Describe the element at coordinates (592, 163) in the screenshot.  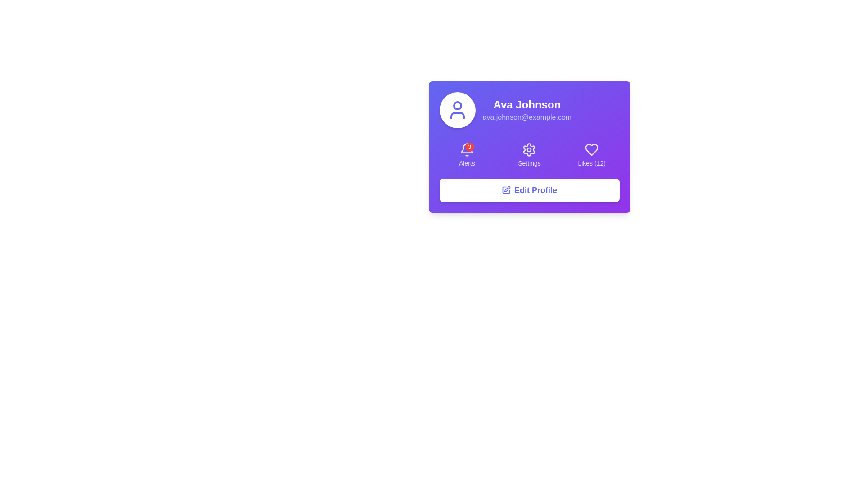
I see `the 'Likes (12)' text label, which is displayed in a small gray font on a purple background, located below the heart-shaped icon` at that location.